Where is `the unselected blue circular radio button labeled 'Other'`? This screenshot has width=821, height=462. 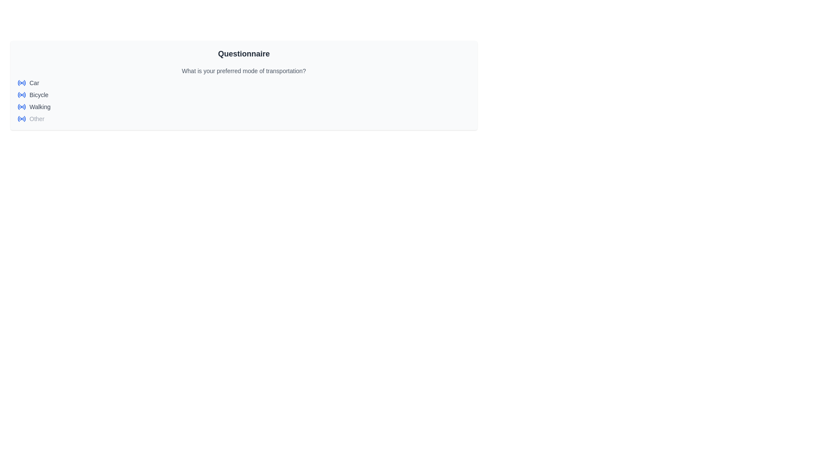
the unselected blue circular radio button labeled 'Other' is located at coordinates (22, 118).